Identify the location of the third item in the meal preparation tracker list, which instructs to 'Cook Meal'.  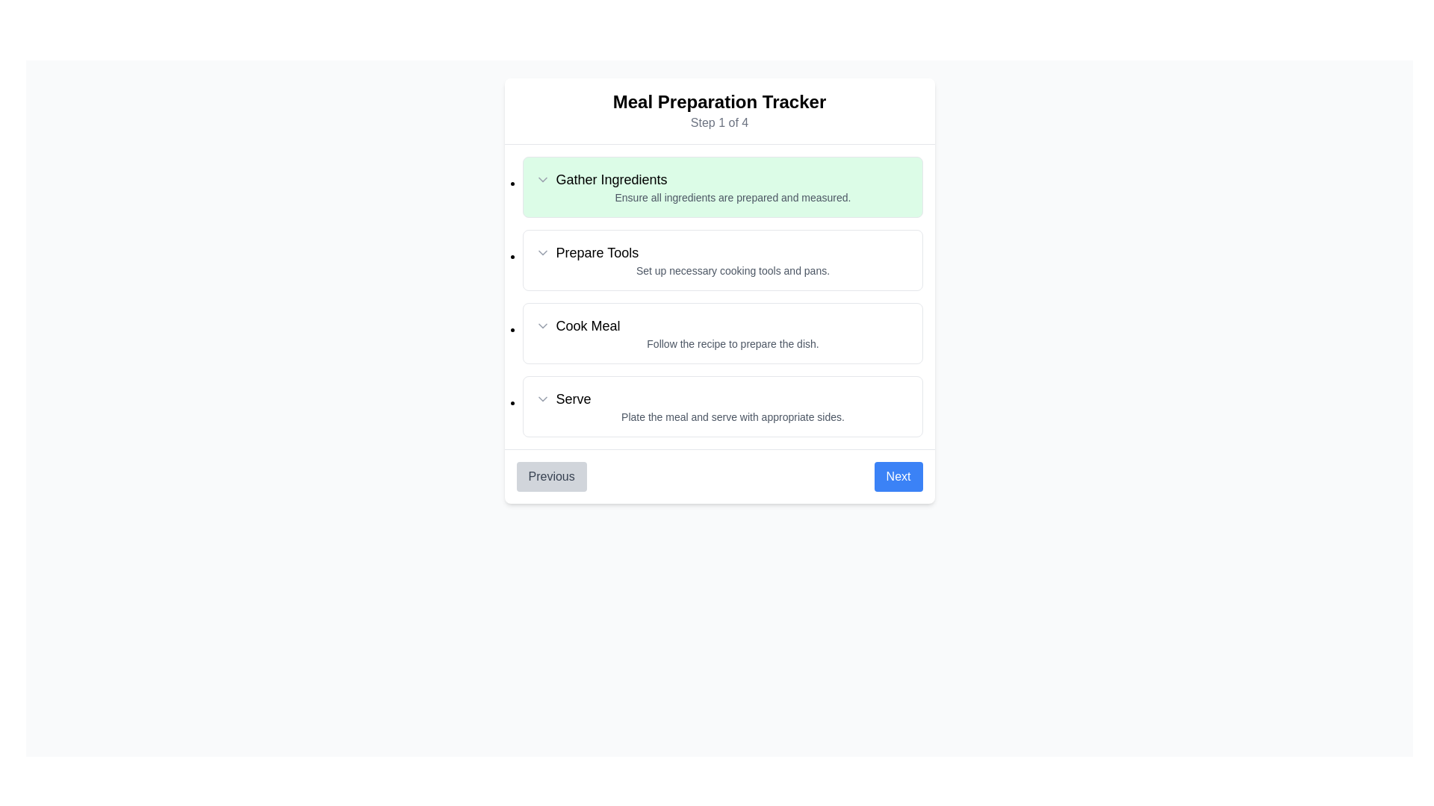
(719, 296).